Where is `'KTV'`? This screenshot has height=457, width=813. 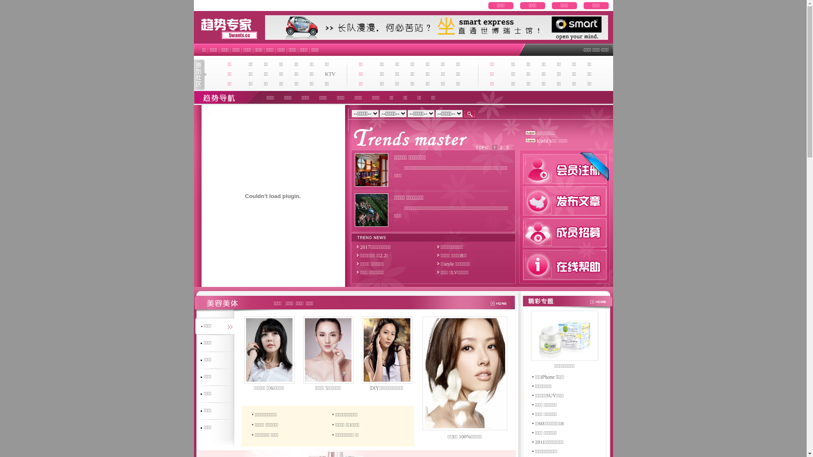
'KTV' is located at coordinates (330, 73).